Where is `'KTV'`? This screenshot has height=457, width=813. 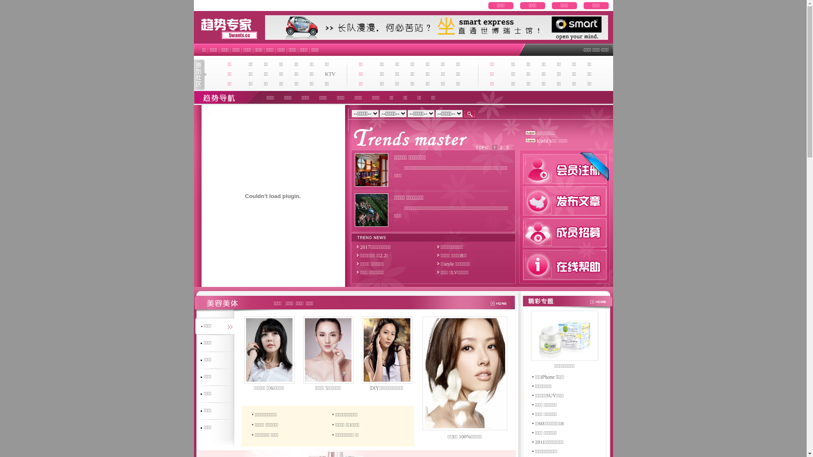
'KTV' is located at coordinates (330, 73).